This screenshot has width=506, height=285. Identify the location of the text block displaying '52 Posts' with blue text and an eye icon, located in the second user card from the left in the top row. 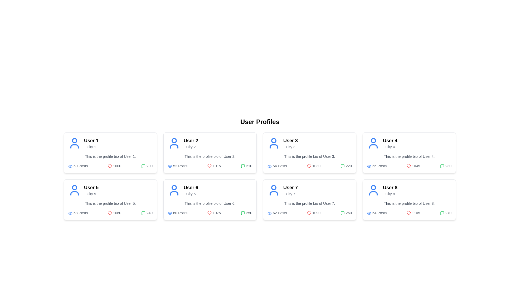
(178, 165).